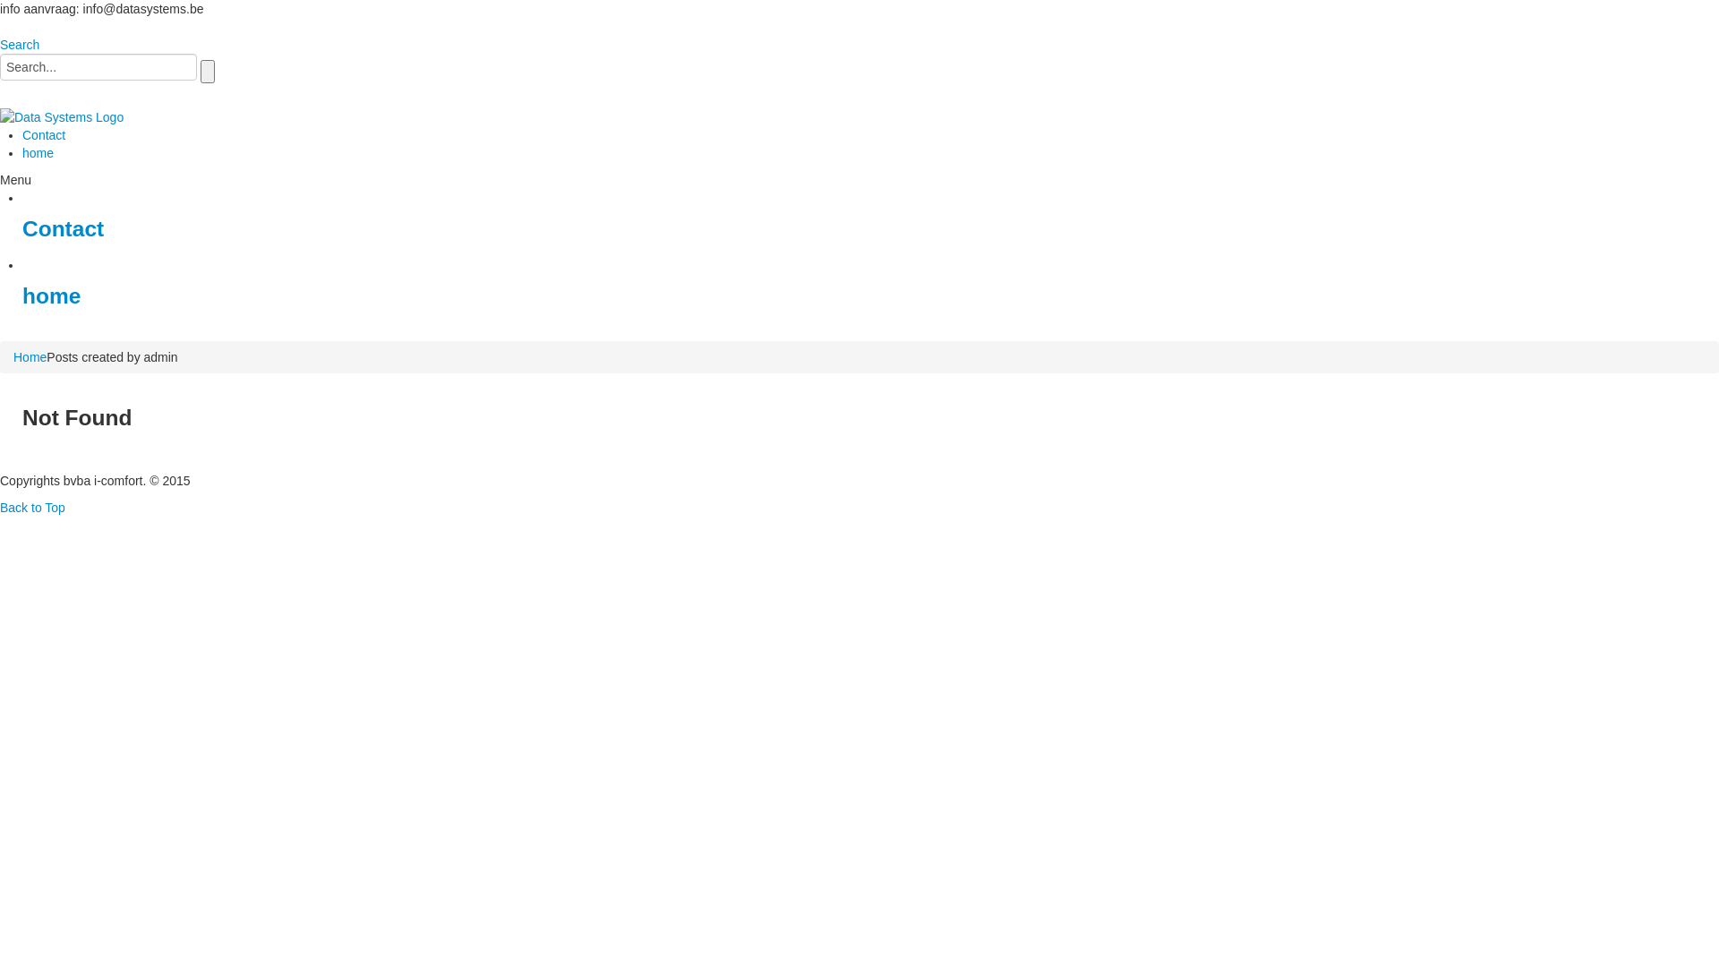  I want to click on 'Search', so click(0, 44).